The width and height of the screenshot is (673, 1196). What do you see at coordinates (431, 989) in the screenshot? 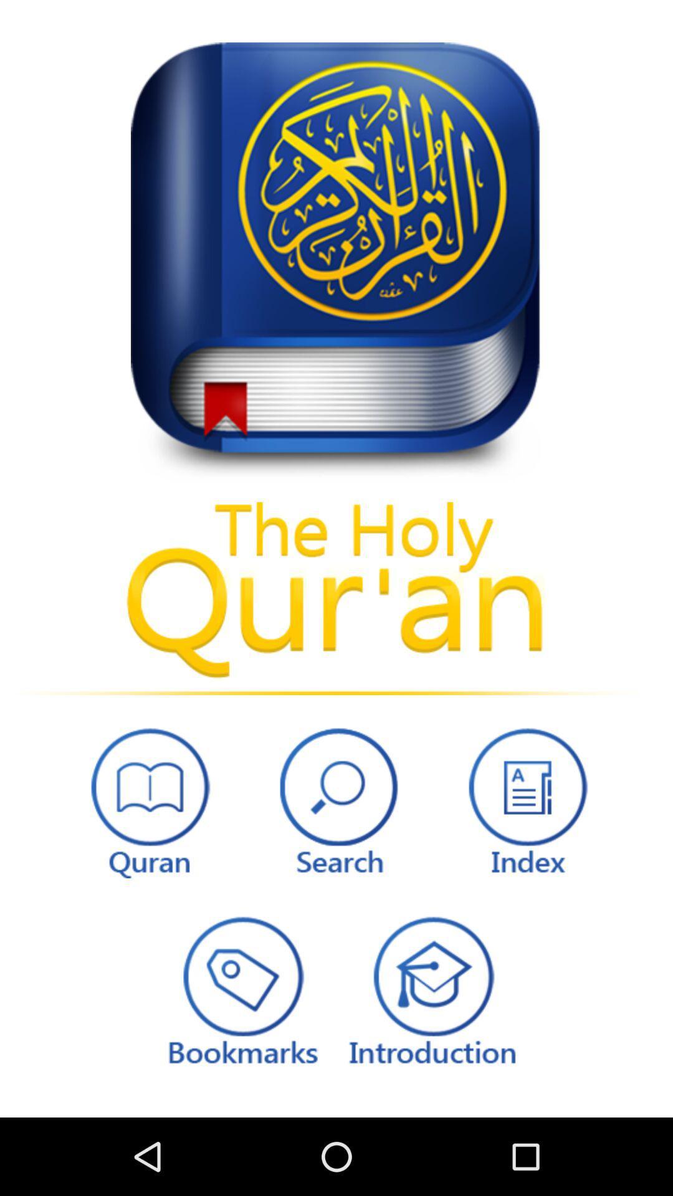
I see `read the introduction` at bounding box center [431, 989].